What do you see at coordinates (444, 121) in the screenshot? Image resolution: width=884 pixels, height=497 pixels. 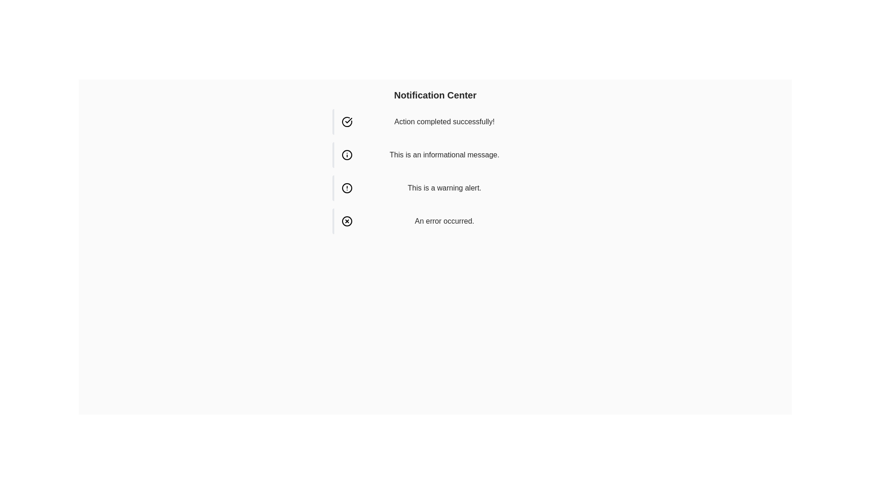 I see `label displaying the message 'Action completed successfully!' located in the notification section to the right of the success icon` at bounding box center [444, 121].